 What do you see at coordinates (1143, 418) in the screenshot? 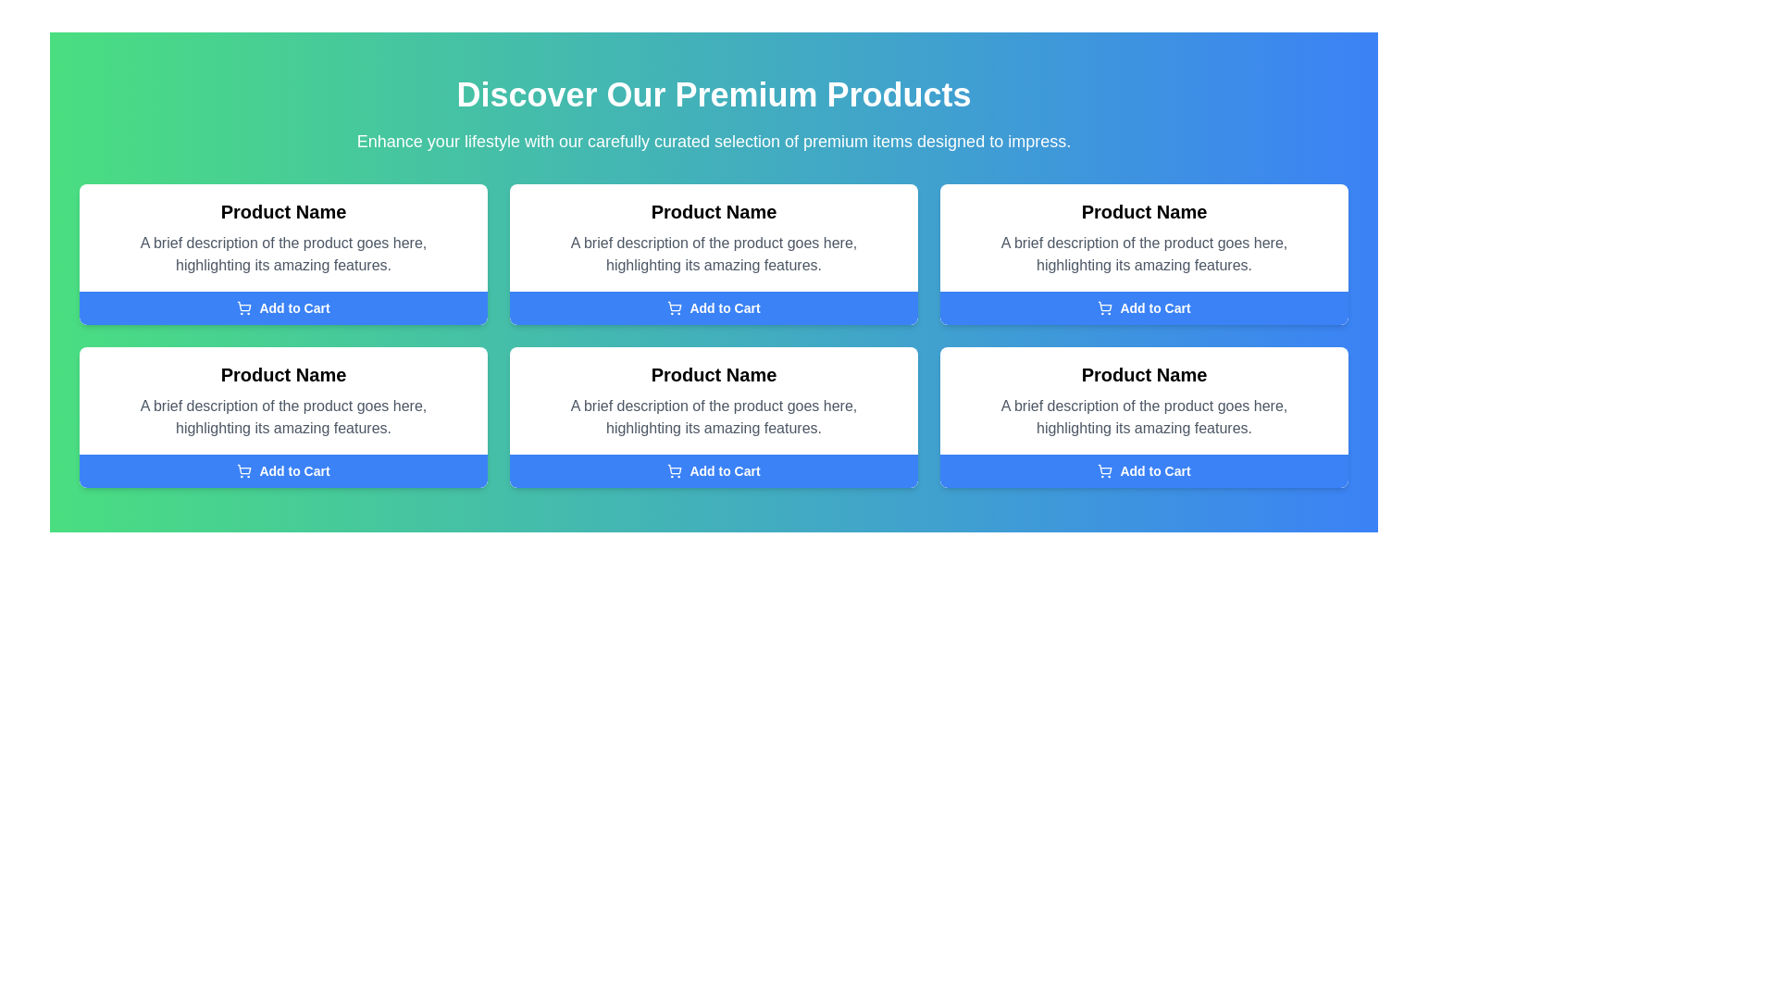
I see `the static text label providing a brief description of the product within the third card in the second row of the grid layout, positioned below 'Product Name' and above 'Add to Cart'` at bounding box center [1143, 418].